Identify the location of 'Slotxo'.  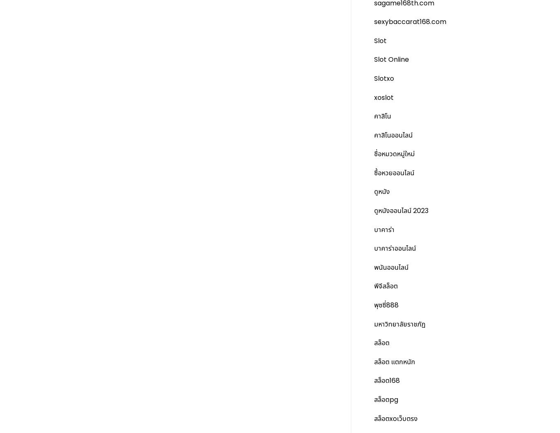
(383, 78).